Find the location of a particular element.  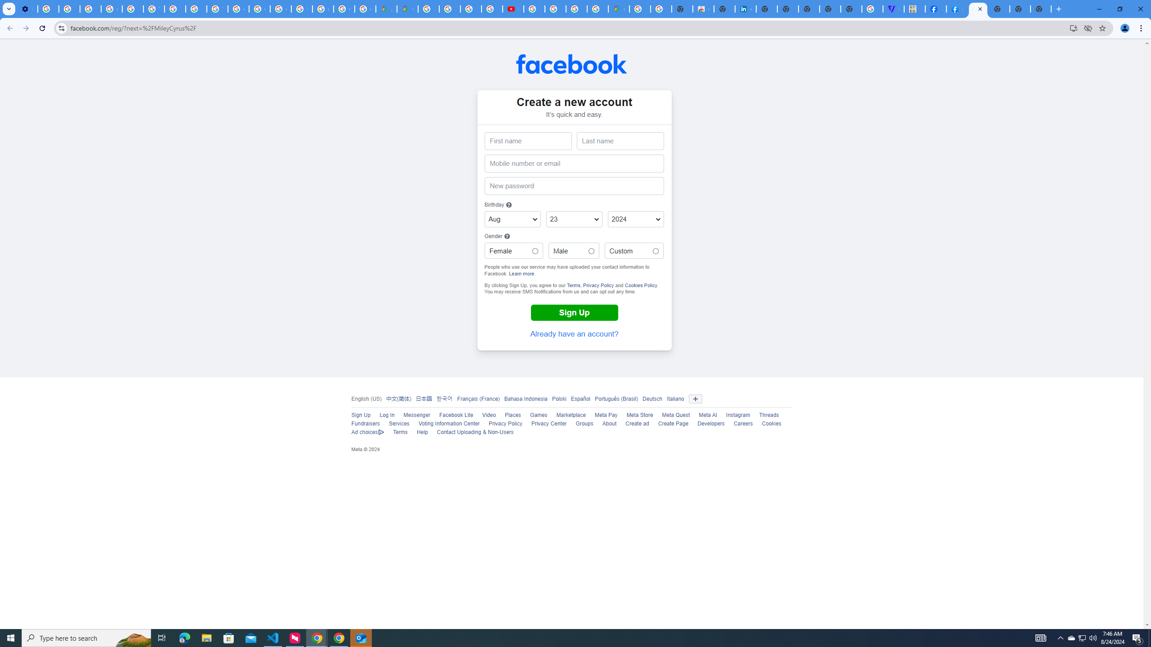

'About' is located at coordinates (609, 423).